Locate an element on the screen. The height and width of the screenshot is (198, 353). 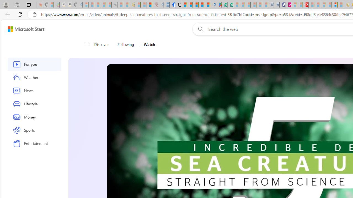
'Cheap Car Rentals - Save70.com - Sleeping' is located at coordinates (271, 5).